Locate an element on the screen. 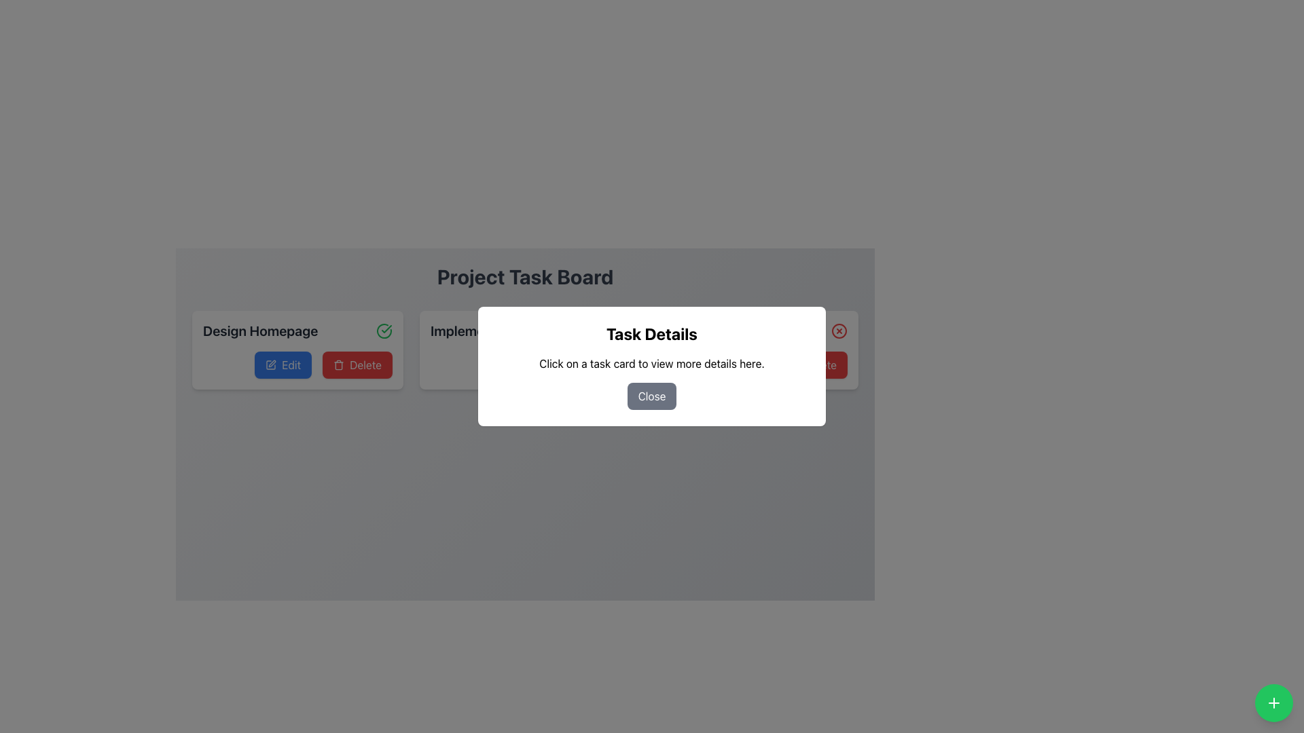  the red 'Delete' button containing the trash icon is located at coordinates (339, 364).